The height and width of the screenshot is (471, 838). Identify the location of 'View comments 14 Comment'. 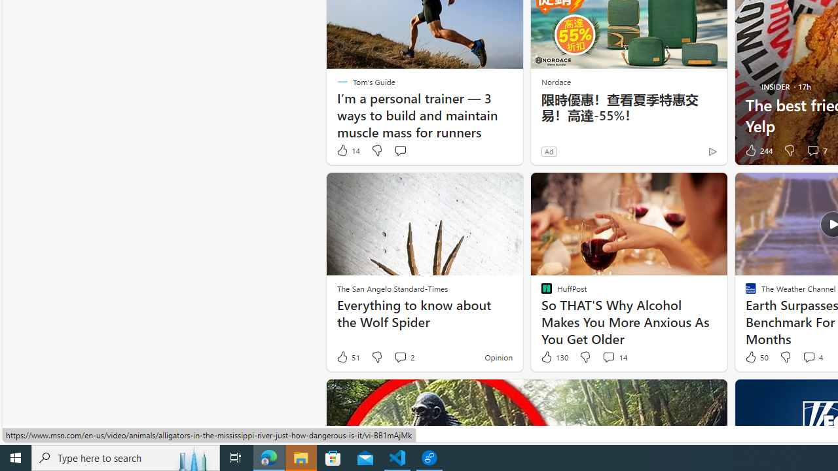
(608, 357).